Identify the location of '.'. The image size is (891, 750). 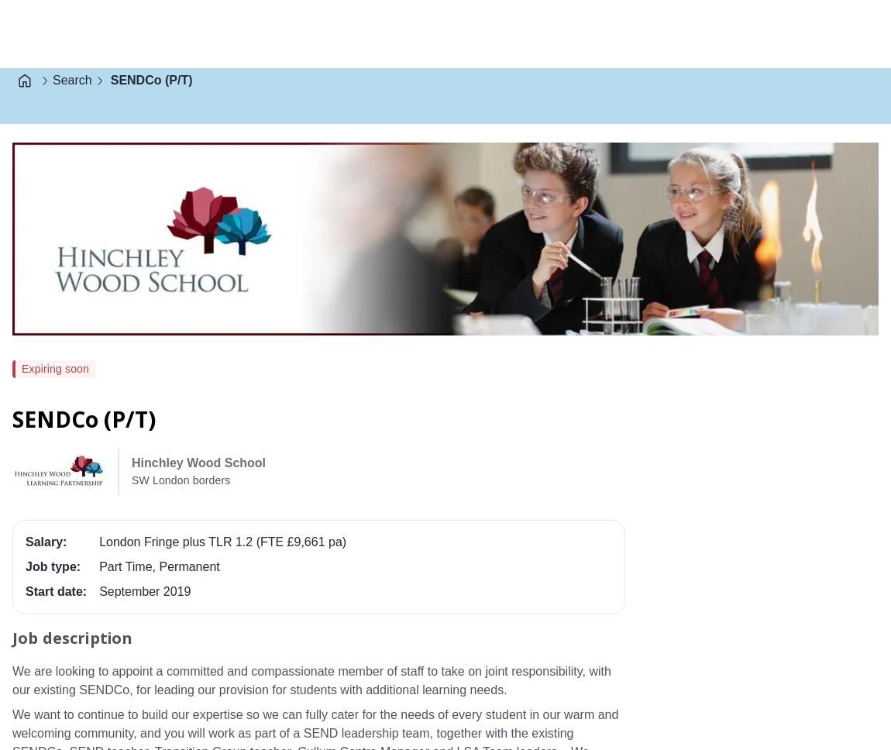
(301, 8).